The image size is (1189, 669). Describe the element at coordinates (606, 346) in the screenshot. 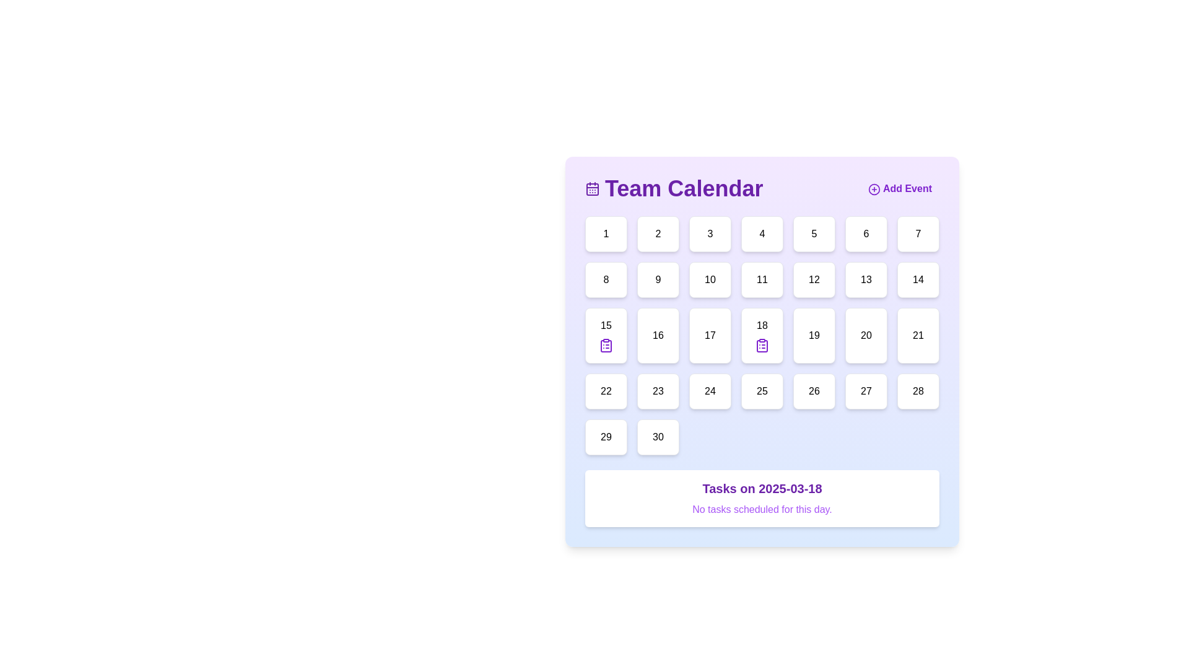

I see `the clipboard icon located within the date box labeled '15' in the Team Calendar interface` at that location.